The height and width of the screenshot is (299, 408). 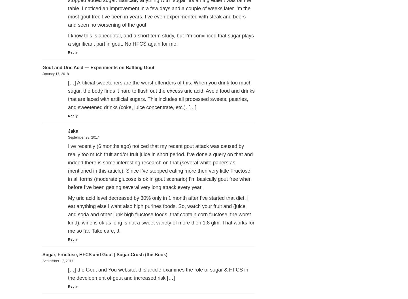 What do you see at coordinates (68, 274) in the screenshot?
I see `'[…] the Gout and You website, this article examines the role of sugar & HFCS in the development of gout and increased risk […]'` at bounding box center [68, 274].